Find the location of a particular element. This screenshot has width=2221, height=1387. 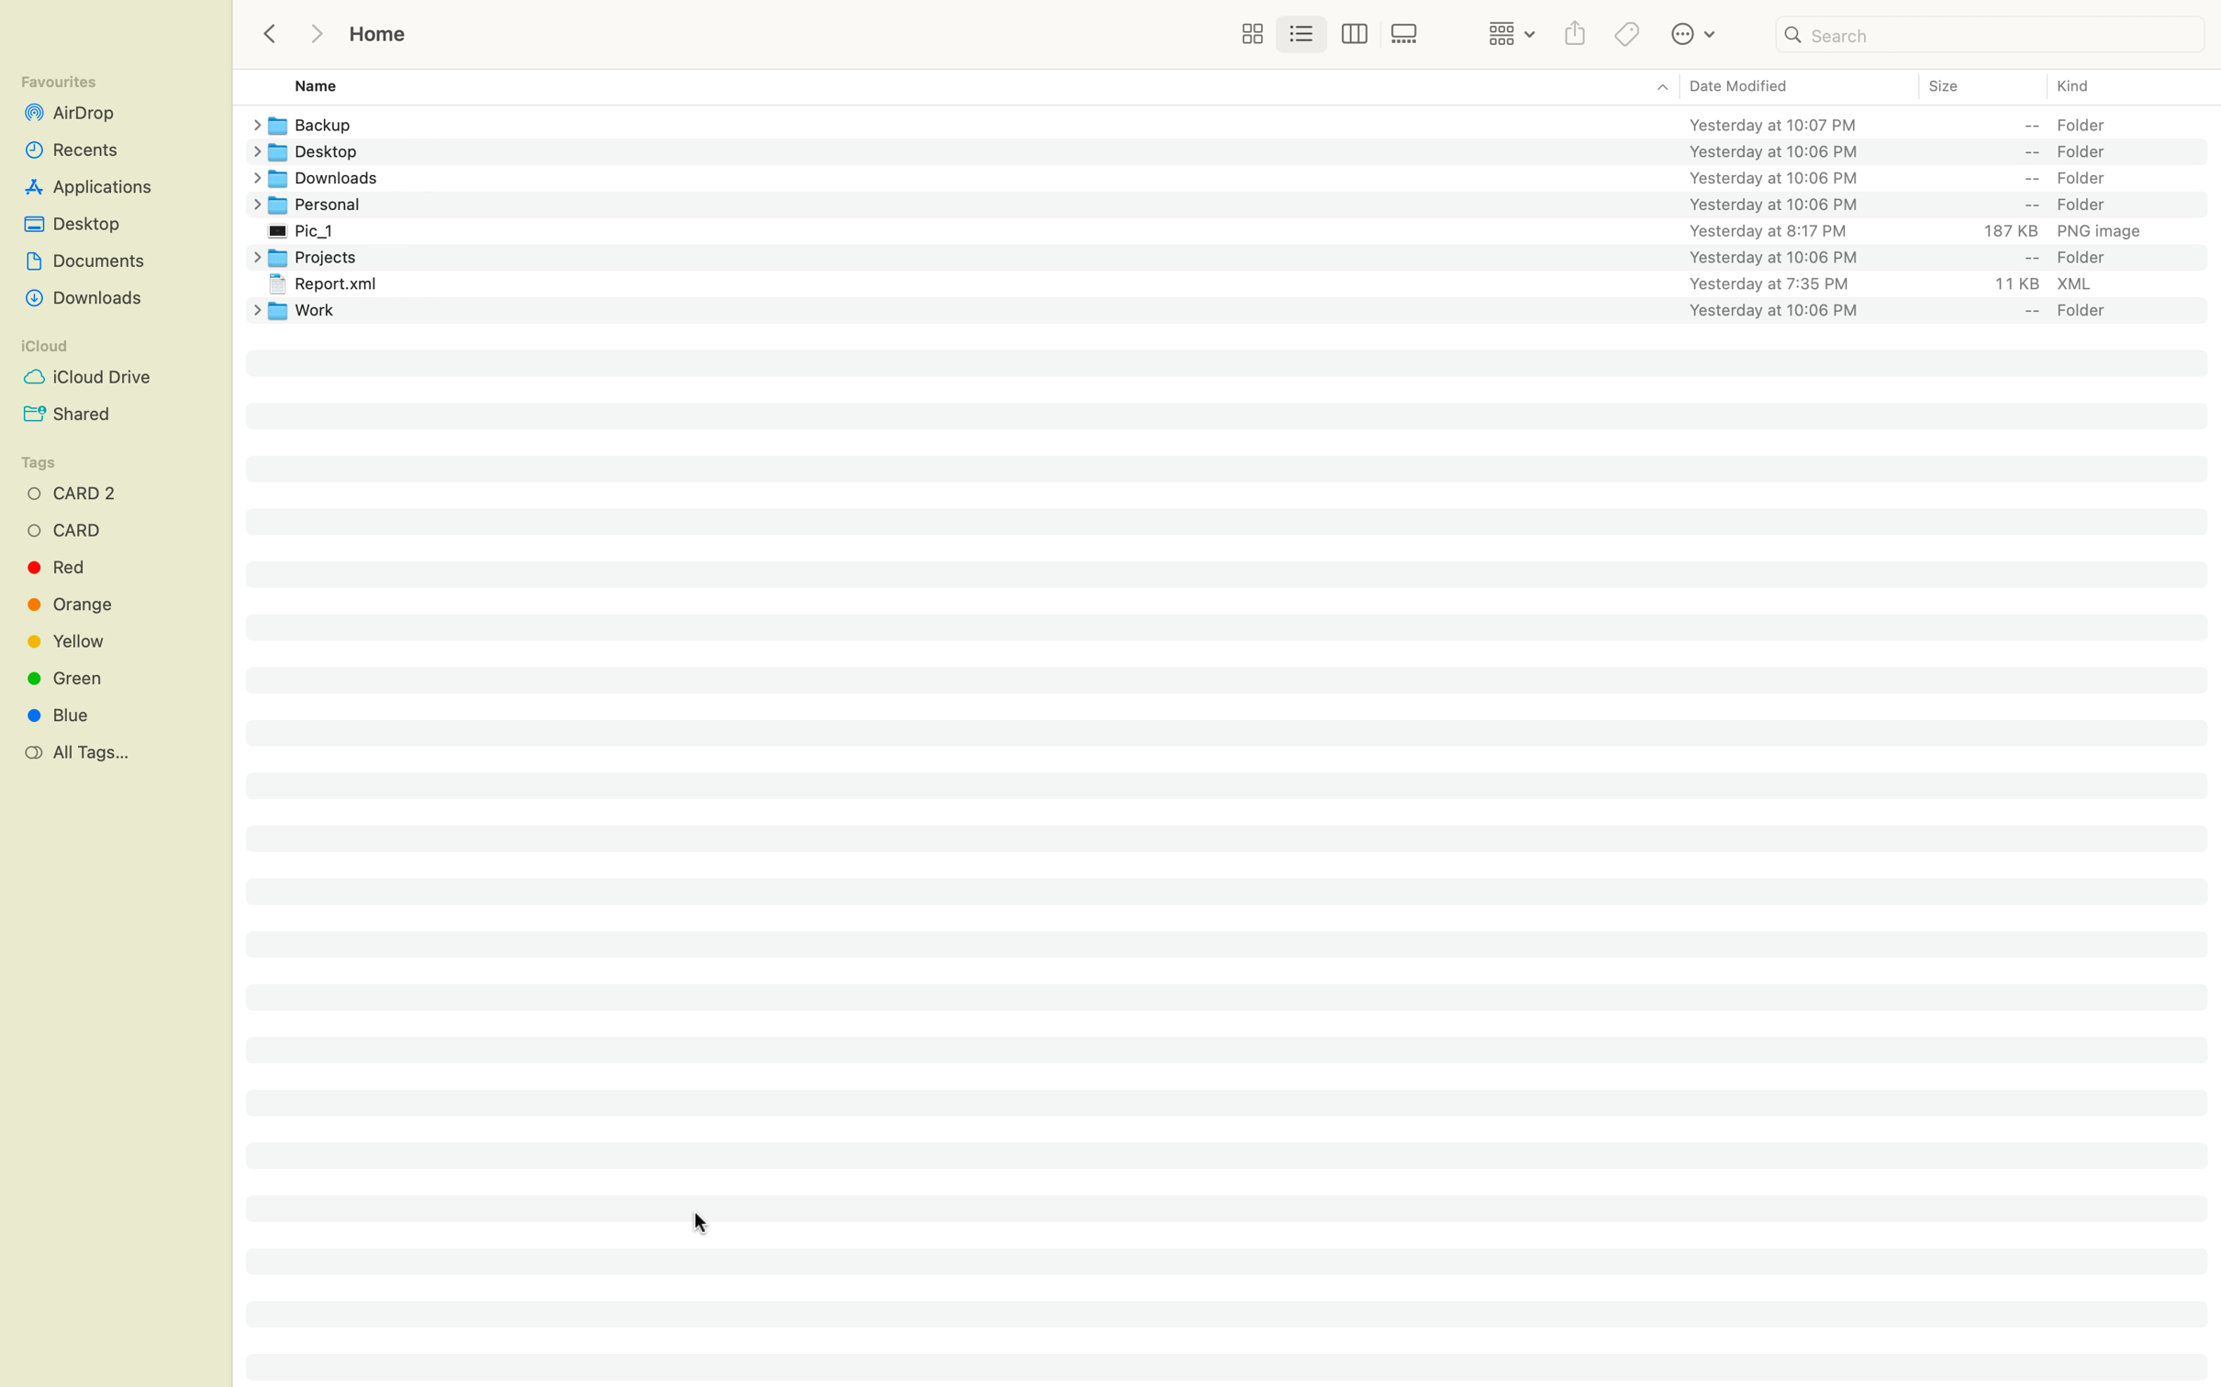

up the Downloads folder to reveal its items is located at coordinates (252, 178).